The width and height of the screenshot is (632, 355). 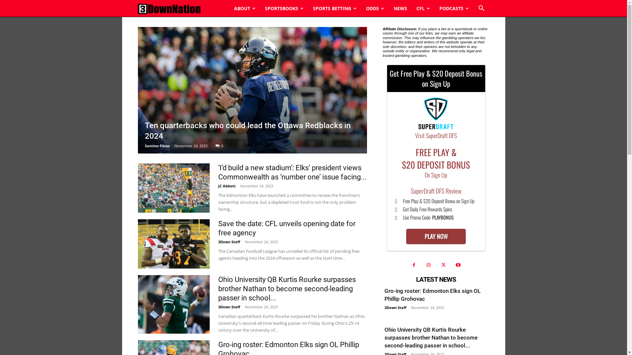 I want to click on 'PLAY NOW', so click(x=436, y=236).